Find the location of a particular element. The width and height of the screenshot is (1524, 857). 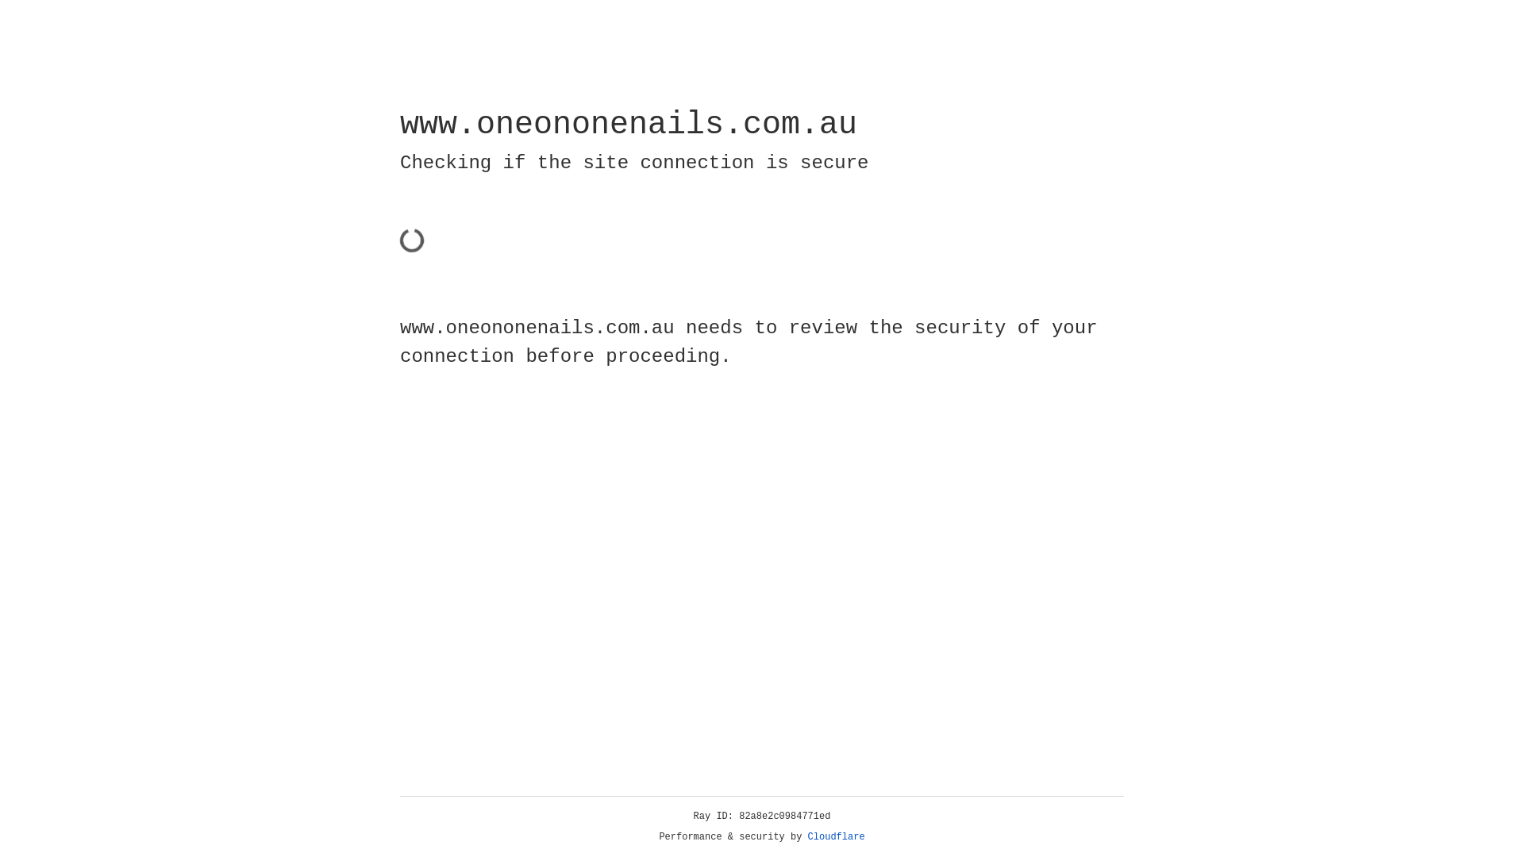

'Cloudflare' is located at coordinates (836, 836).